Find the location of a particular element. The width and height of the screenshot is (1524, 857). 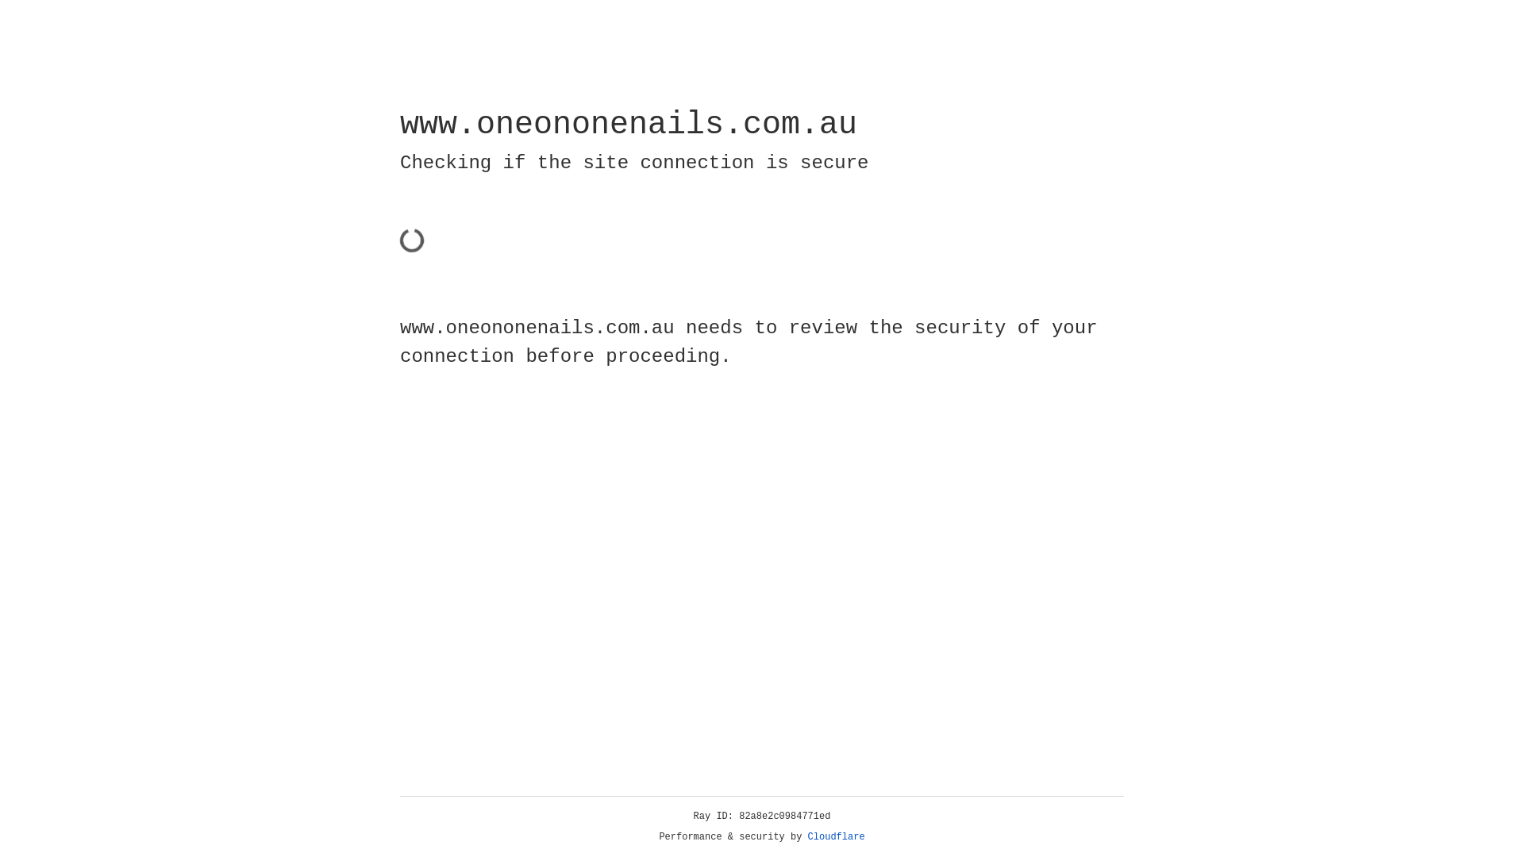

'Cloudflare' is located at coordinates (836, 836).